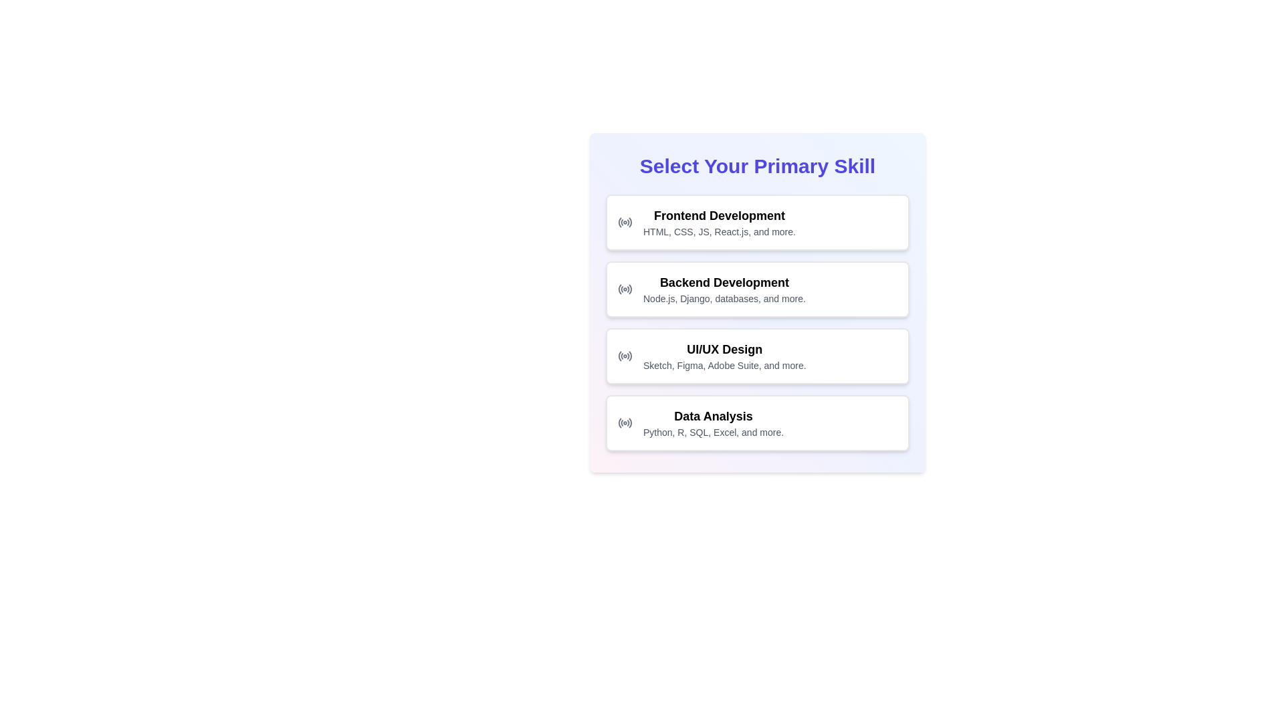  Describe the element at coordinates (724, 298) in the screenshot. I see `the descriptive text element for the 'Backend Development' skill option, located directly below its title in the second card of the vertical list` at that location.